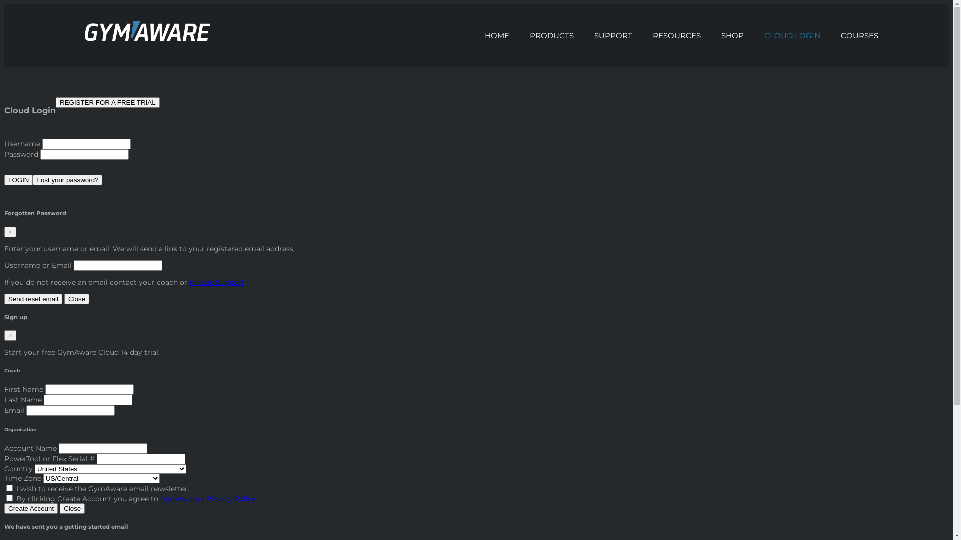 The width and height of the screenshot is (961, 540). What do you see at coordinates (216, 282) in the screenshot?
I see `'Kinetic Support'` at bounding box center [216, 282].